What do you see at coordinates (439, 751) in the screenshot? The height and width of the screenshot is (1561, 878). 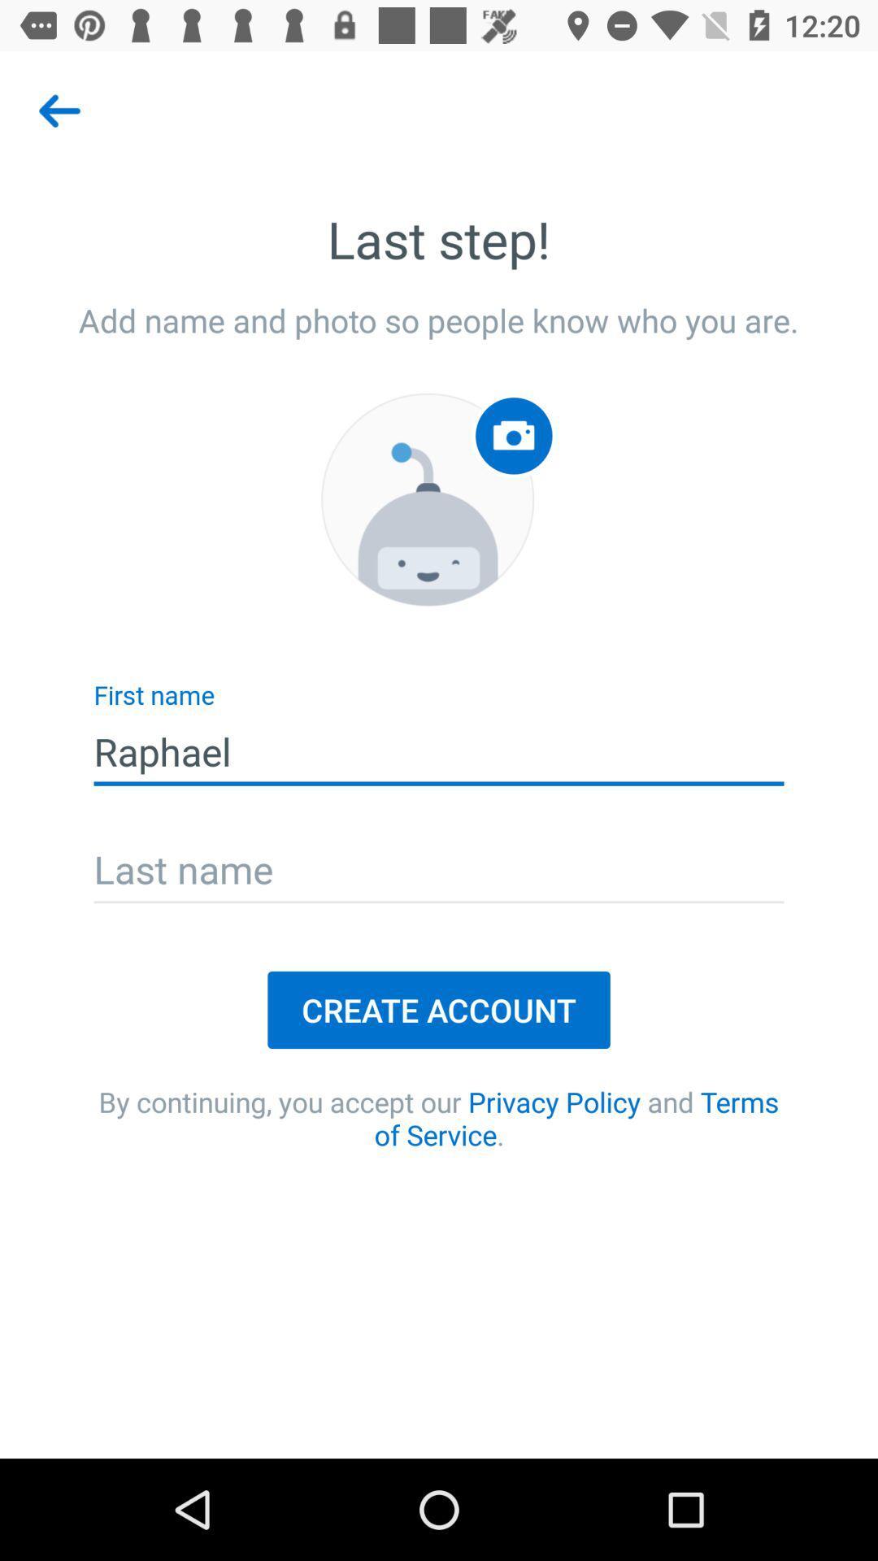 I see `raphael` at bounding box center [439, 751].